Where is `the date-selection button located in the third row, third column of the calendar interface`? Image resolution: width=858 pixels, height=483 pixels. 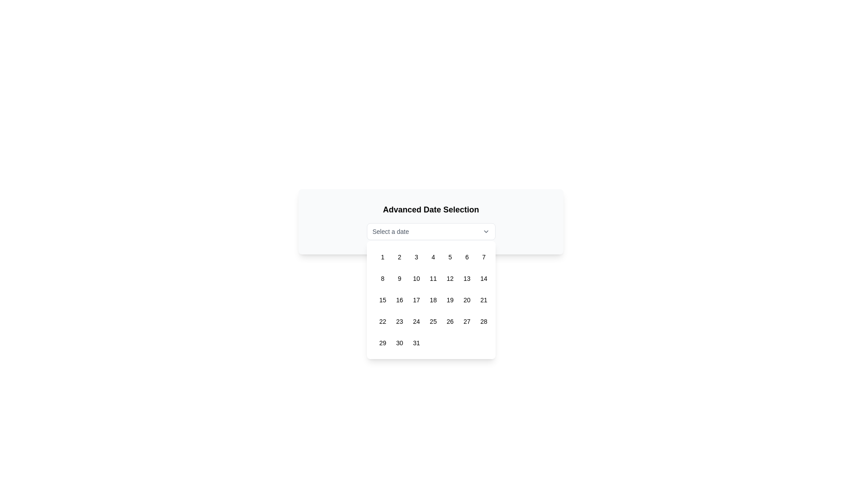 the date-selection button located in the third row, third column of the calendar interface is located at coordinates (416, 300).